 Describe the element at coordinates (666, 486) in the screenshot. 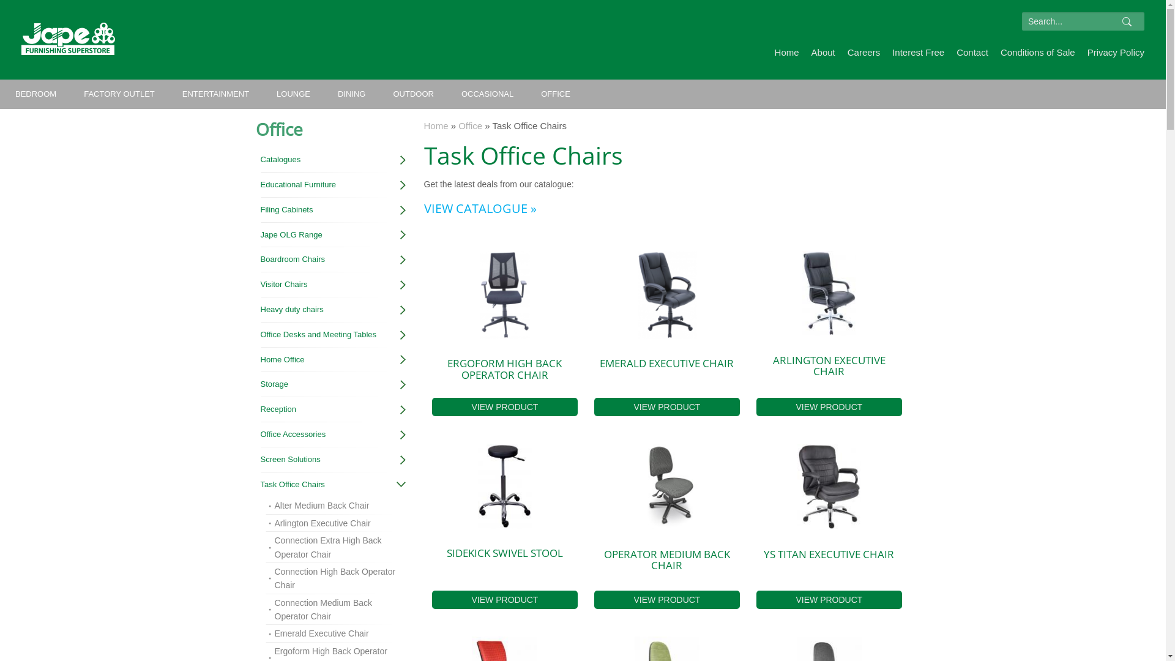

I see `'Operator Medium Back Chair'` at that location.